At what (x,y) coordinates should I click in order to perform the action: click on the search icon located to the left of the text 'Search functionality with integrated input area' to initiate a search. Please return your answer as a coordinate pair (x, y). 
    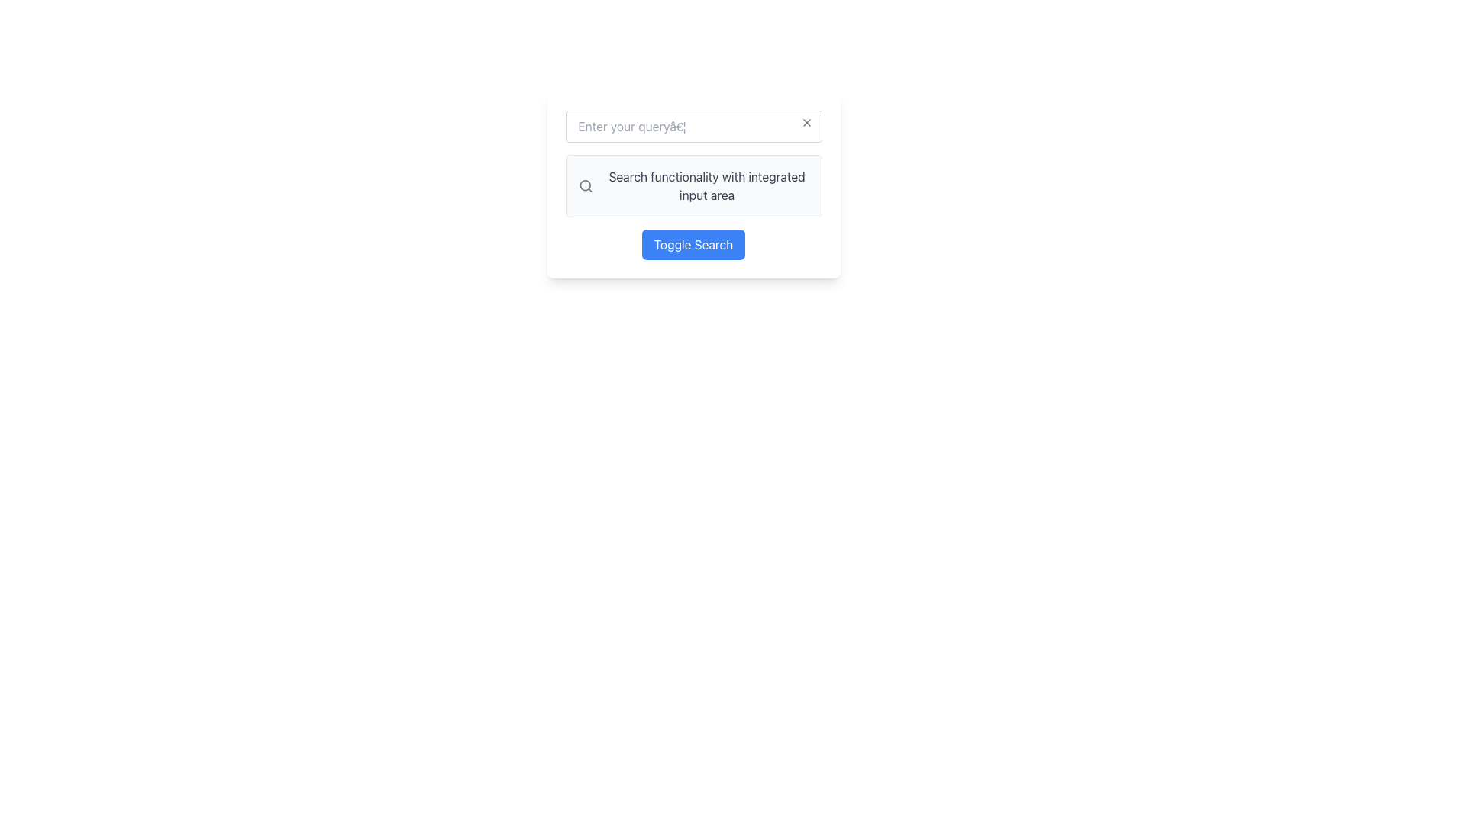
    Looking at the image, I should click on (585, 185).